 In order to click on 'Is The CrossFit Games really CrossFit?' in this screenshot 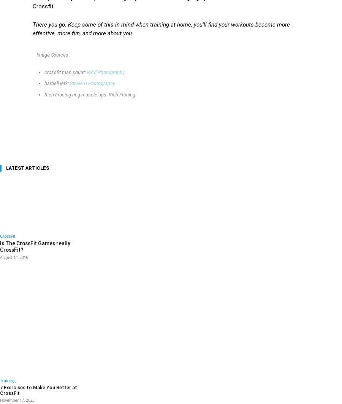, I will do `click(32, 246)`.